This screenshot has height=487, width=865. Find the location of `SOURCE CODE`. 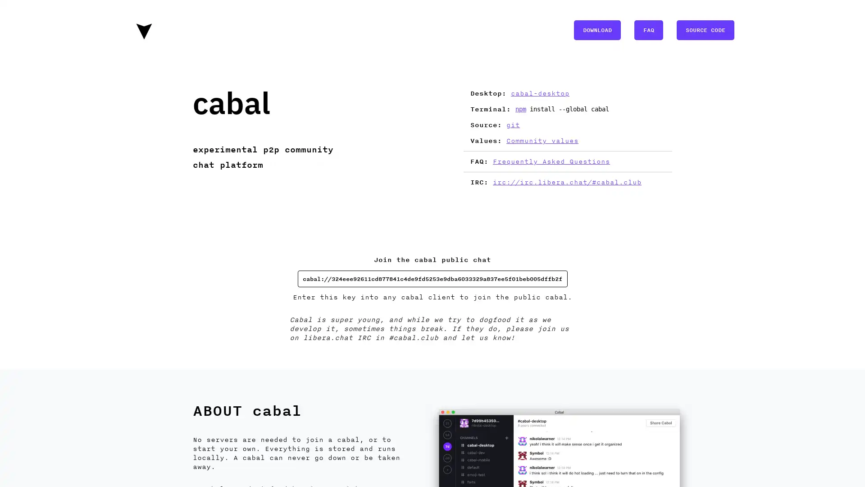

SOURCE CODE is located at coordinates (705, 29).